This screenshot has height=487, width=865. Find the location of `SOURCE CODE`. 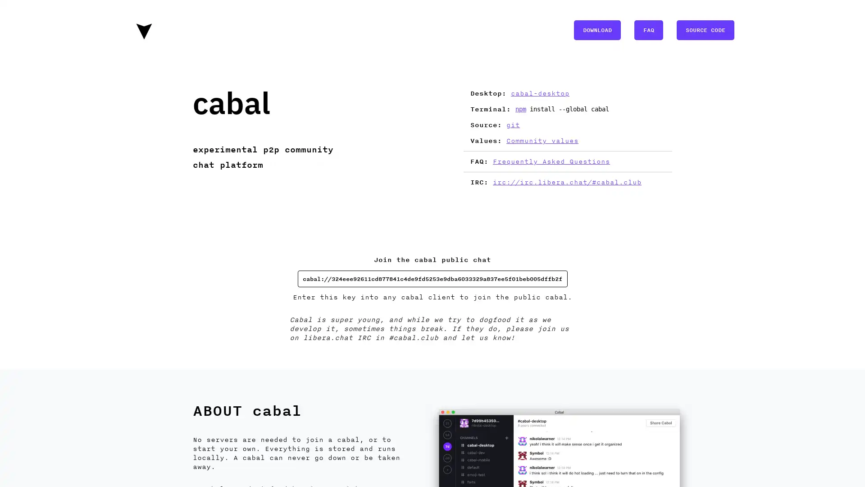

SOURCE CODE is located at coordinates (705, 29).